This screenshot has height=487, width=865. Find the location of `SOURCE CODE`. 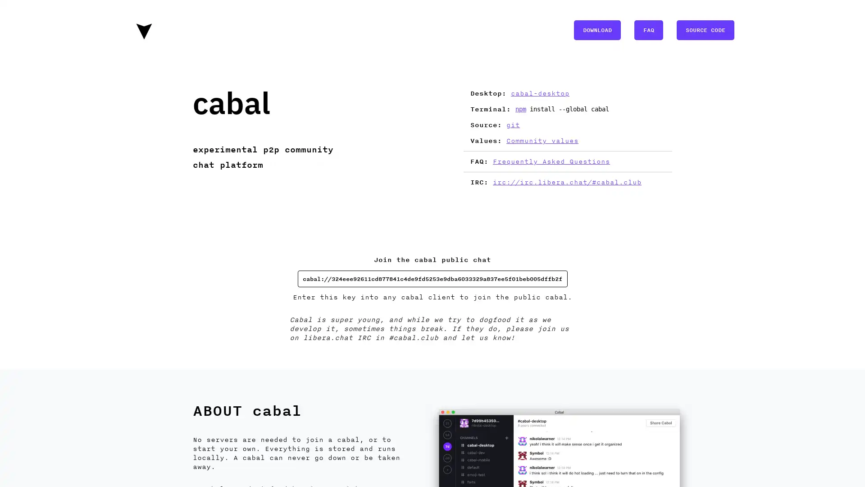

SOURCE CODE is located at coordinates (705, 29).